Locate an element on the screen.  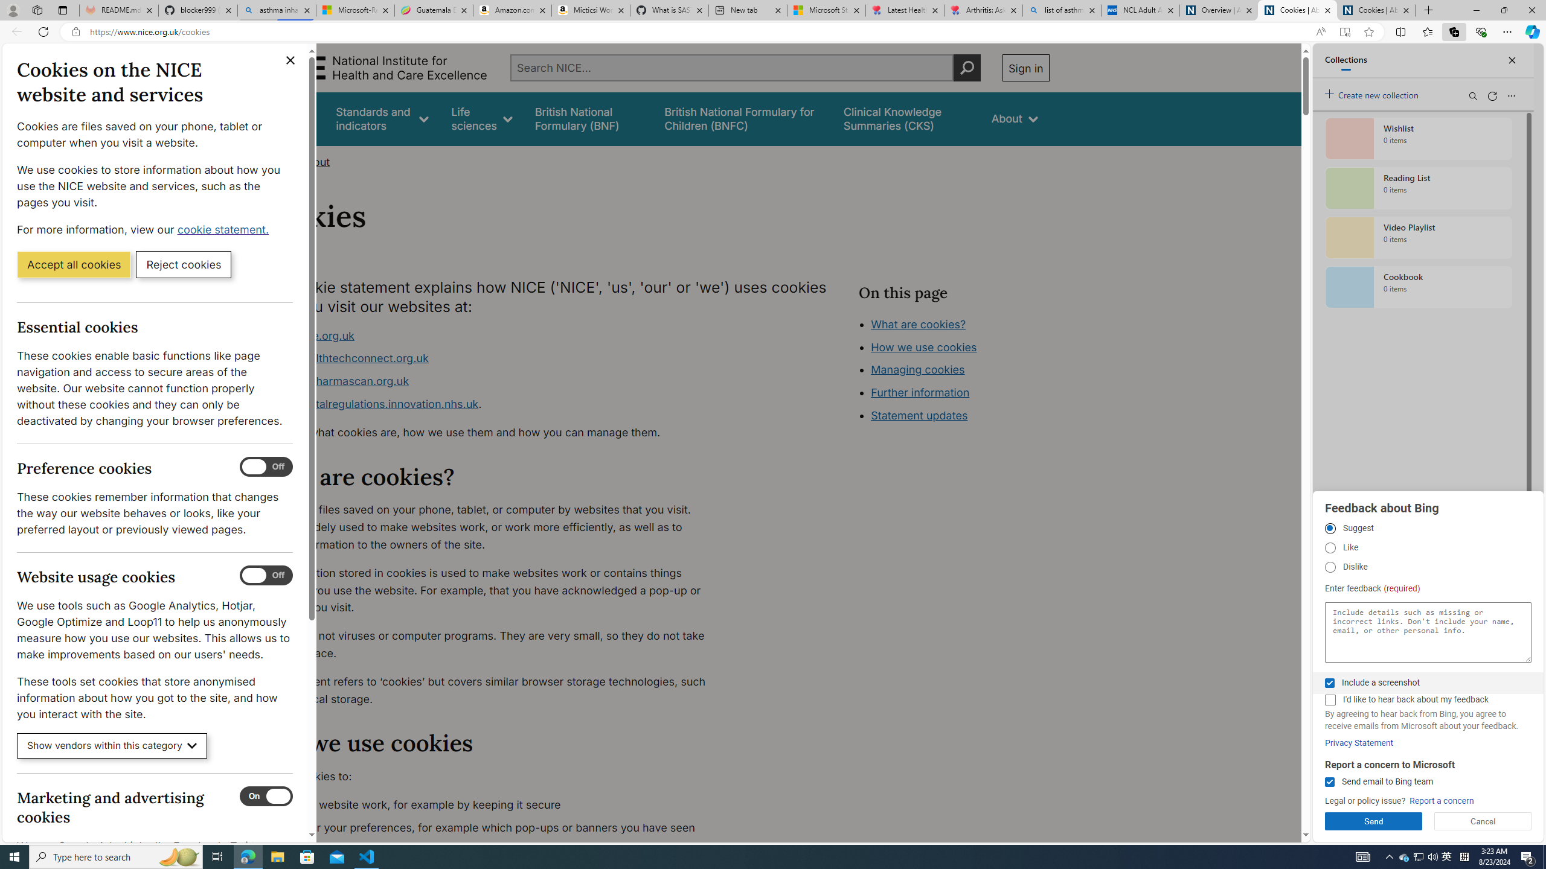
'Arthritis: Ask Health Professionals' is located at coordinates (983, 10).